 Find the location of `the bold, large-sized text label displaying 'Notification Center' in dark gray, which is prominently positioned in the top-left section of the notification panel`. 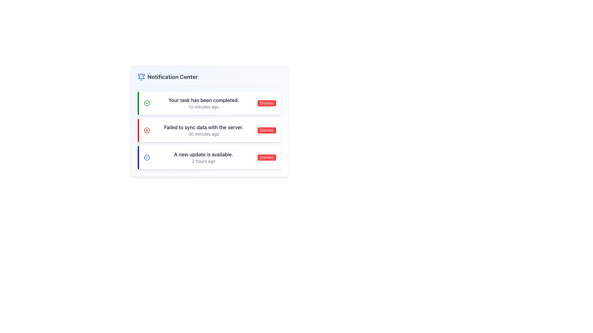

the bold, large-sized text label displaying 'Notification Center' in dark gray, which is prominently positioned in the top-left section of the notification panel is located at coordinates (173, 77).